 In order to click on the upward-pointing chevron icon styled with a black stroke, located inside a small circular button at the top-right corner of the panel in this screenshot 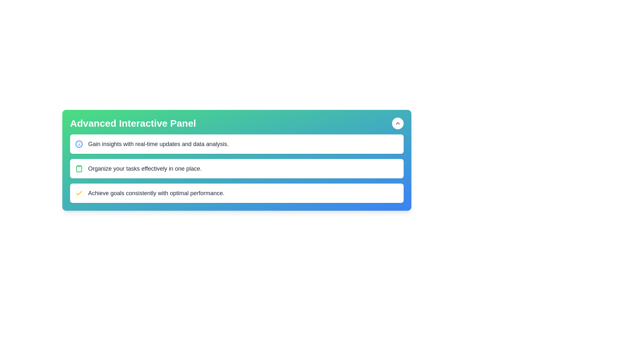, I will do `click(398, 123)`.